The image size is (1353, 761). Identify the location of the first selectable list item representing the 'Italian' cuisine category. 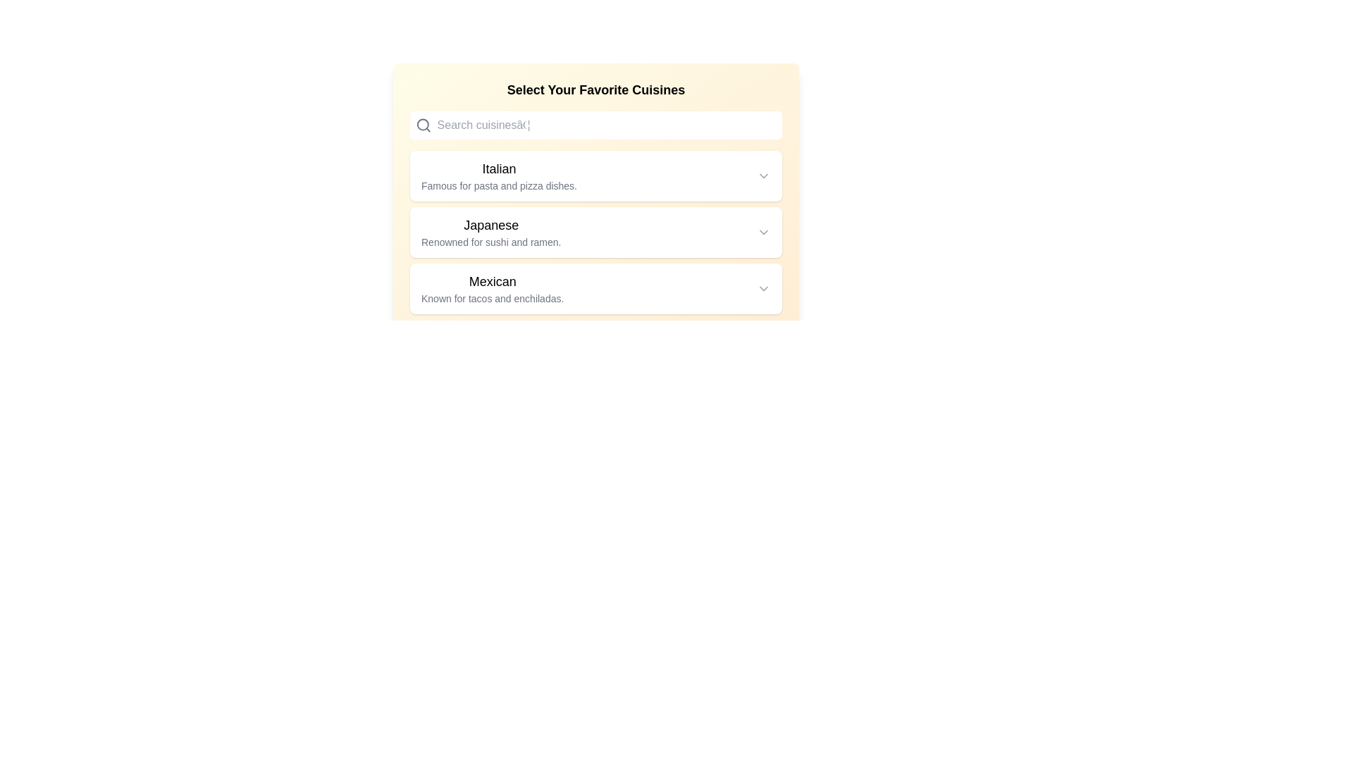
(595, 175).